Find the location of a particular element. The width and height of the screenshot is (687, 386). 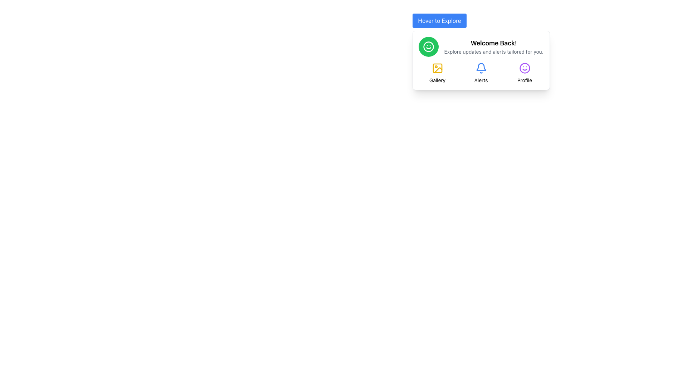

the welcome message composite UI element located at the top center of the card, which includes an icon and accompanying text to inform the user of updates and alerts is located at coordinates (481, 47).